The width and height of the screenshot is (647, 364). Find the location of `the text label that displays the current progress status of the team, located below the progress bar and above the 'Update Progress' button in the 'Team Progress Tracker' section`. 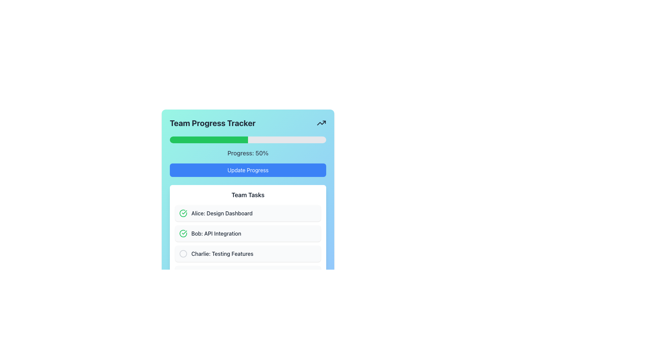

the text label that displays the current progress status of the team, located below the progress bar and above the 'Update Progress' button in the 'Team Progress Tracker' section is located at coordinates (247, 153).